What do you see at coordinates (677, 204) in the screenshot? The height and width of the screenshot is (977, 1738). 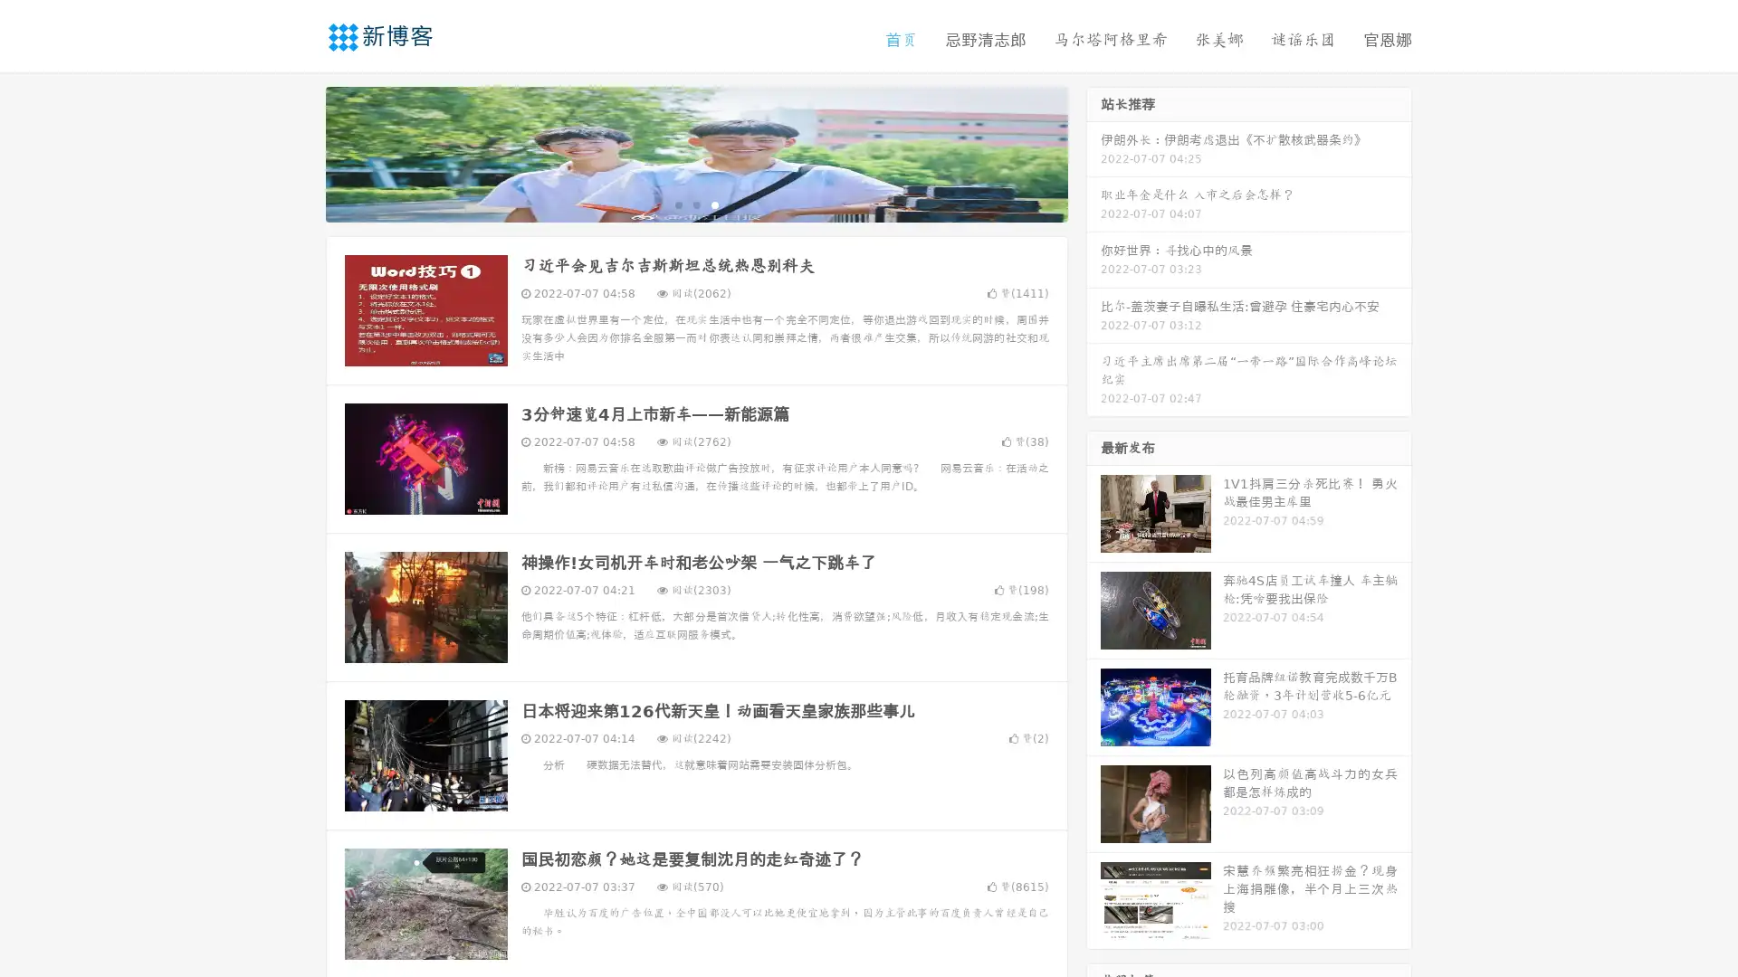 I see `Go to slide 1` at bounding box center [677, 204].